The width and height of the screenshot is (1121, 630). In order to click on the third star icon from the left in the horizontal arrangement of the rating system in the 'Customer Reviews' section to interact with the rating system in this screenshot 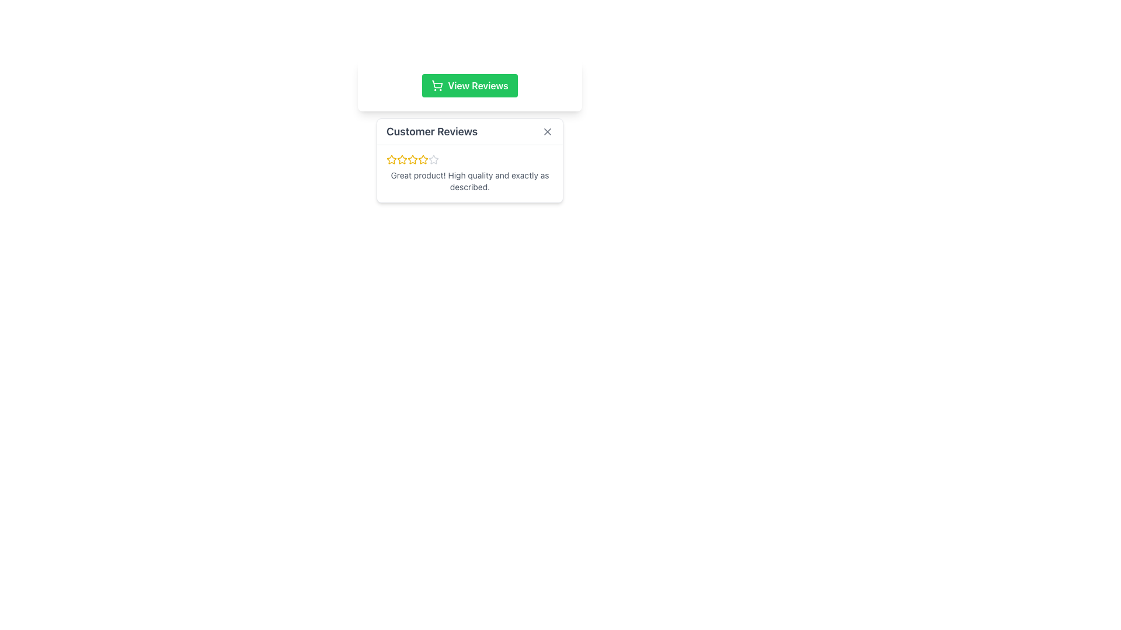, I will do `click(402, 159)`.